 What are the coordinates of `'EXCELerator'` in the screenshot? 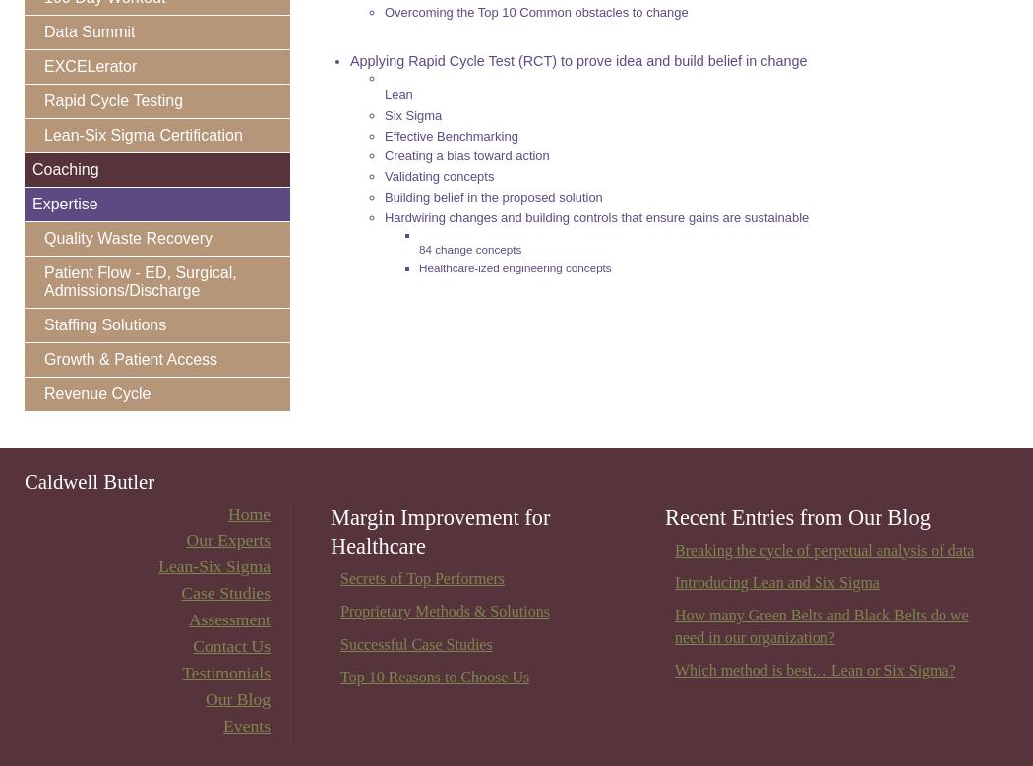 It's located at (90, 66).